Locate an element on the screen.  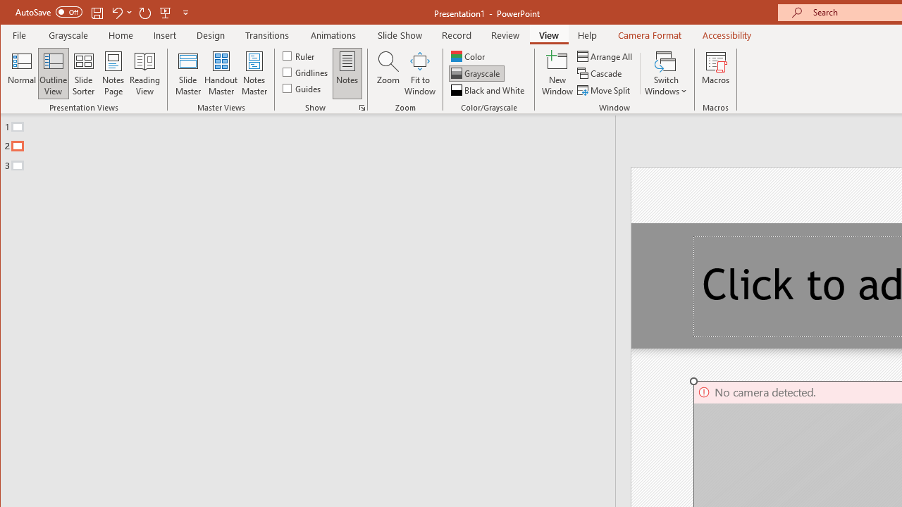
'New Window' is located at coordinates (557, 73).